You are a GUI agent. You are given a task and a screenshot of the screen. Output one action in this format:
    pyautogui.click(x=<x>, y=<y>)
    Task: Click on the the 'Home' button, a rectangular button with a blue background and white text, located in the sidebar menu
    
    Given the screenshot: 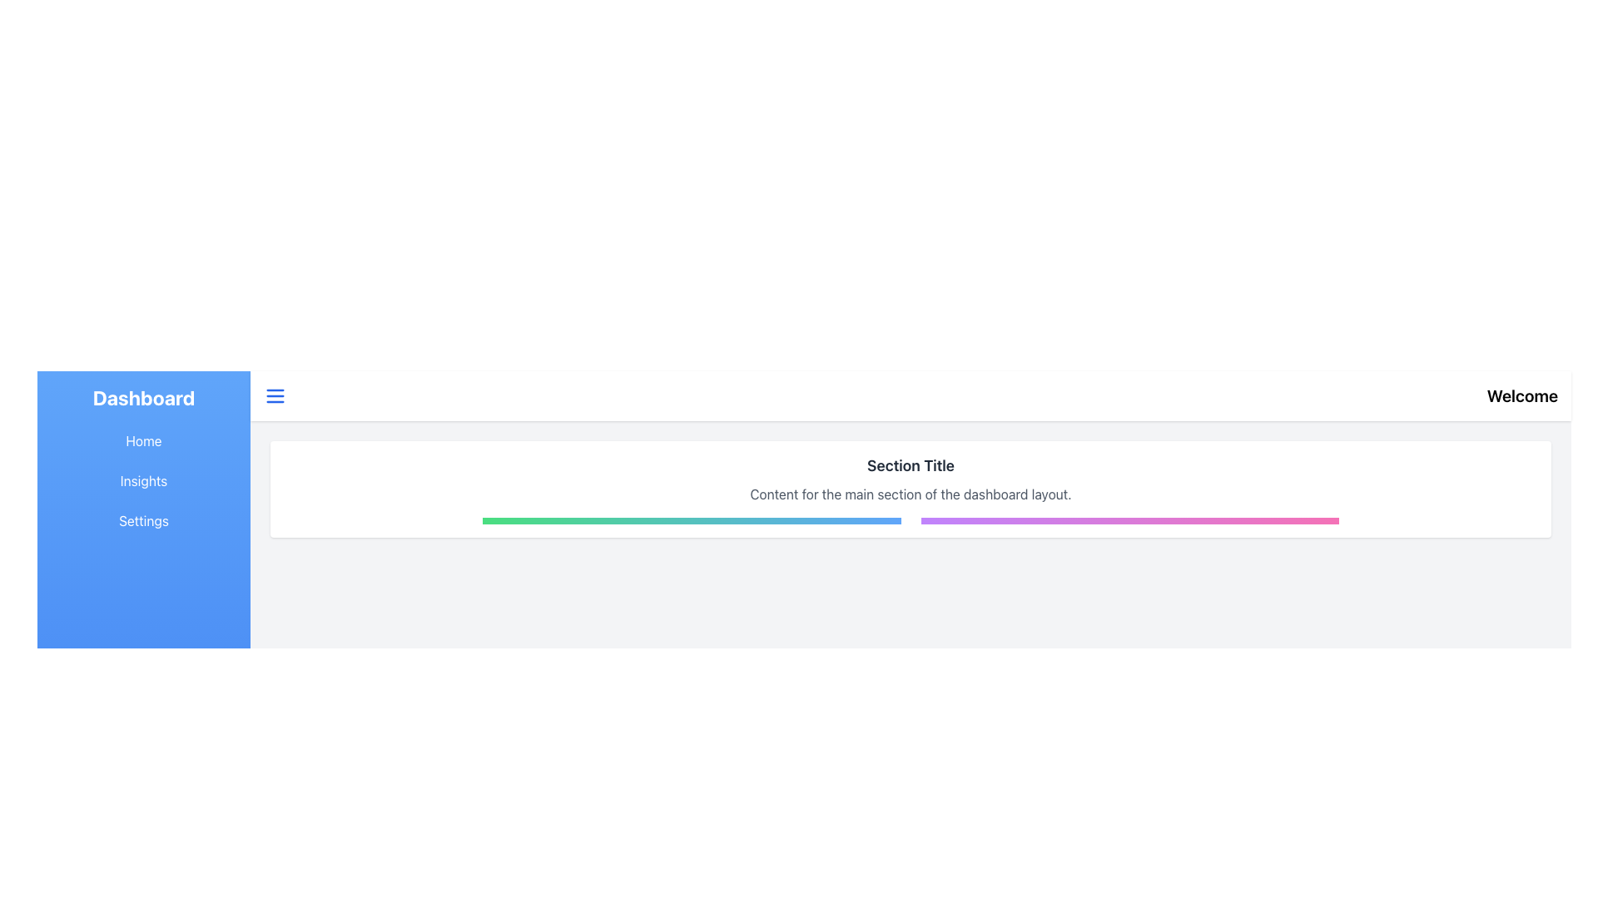 What is the action you would take?
    pyautogui.click(x=143, y=440)
    